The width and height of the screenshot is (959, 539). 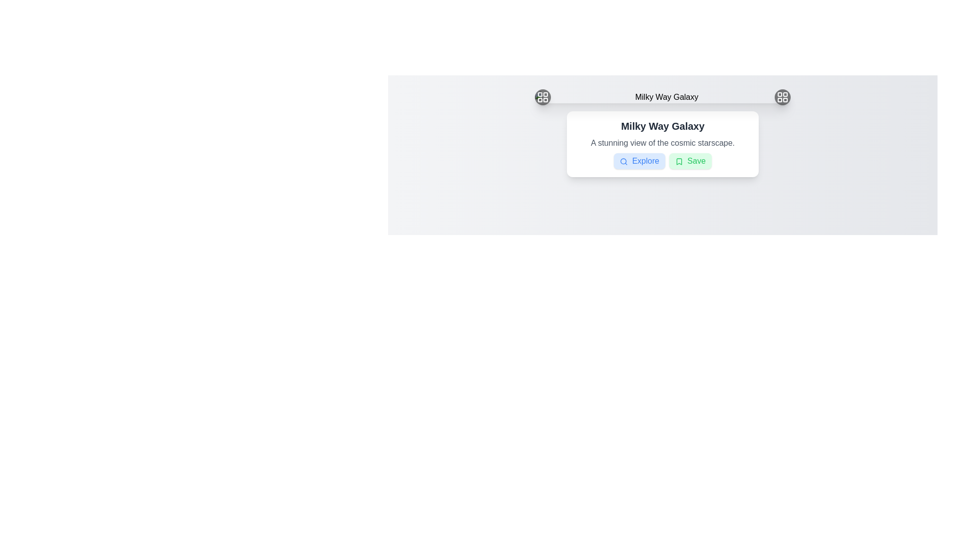 I want to click on the 'Save' button which contains the bookmarking icon, so click(x=679, y=161).